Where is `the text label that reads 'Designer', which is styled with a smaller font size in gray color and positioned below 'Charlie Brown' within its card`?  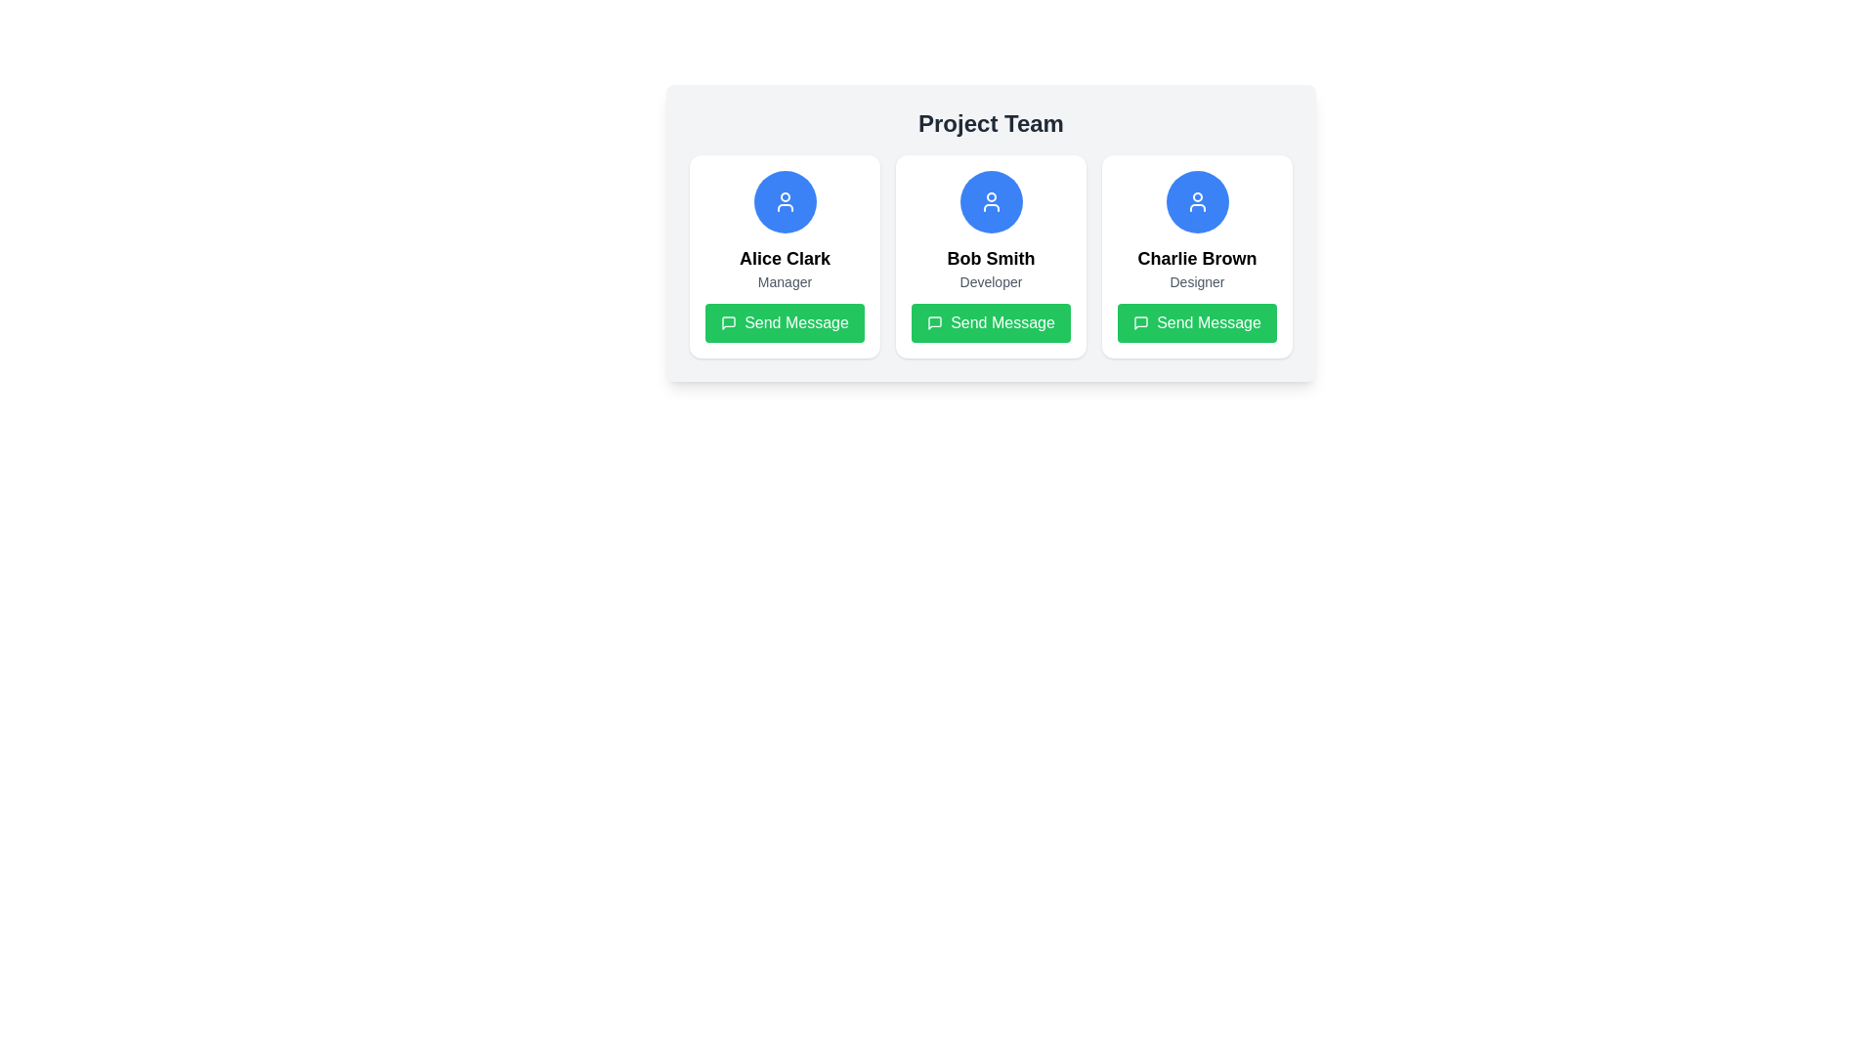
the text label that reads 'Designer', which is styled with a smaller font size in gray color and positioned below 'Charlie Brown' within its card is located at coordinates (1196, 282).